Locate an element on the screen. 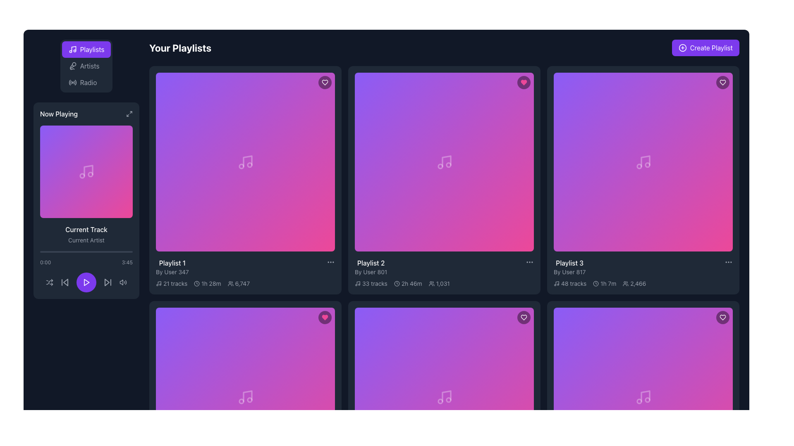 This screenshot has height=446, width=794. the text label that displays the number of tracks in the playlist, which is located below the second playlist image and is the leftmost metadata component is located at coordinates (371, 283).